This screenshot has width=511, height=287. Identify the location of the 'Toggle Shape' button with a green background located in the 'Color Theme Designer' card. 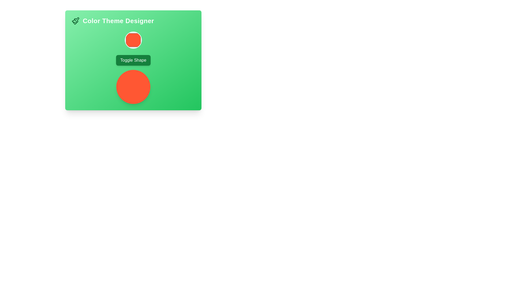
(133, 60).